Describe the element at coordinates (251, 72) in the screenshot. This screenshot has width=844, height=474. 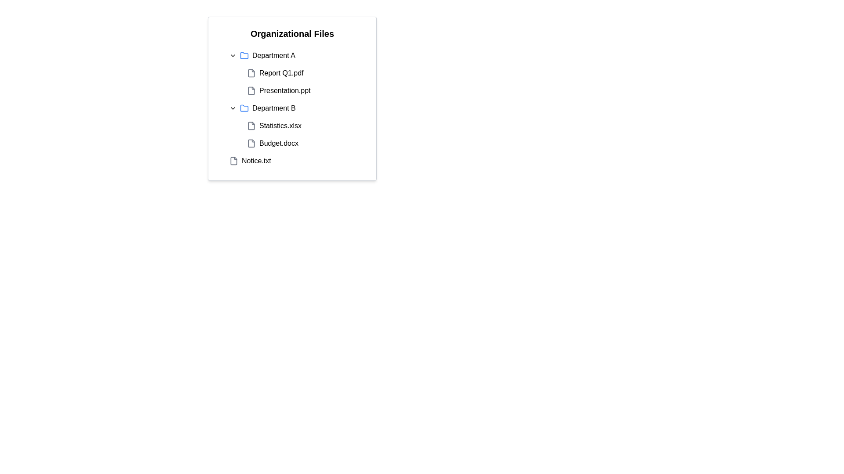
I see `the file icon indicating 'Report Q1.pdf' located in the 'Department A' section of the hierarchical file structure` at that location.